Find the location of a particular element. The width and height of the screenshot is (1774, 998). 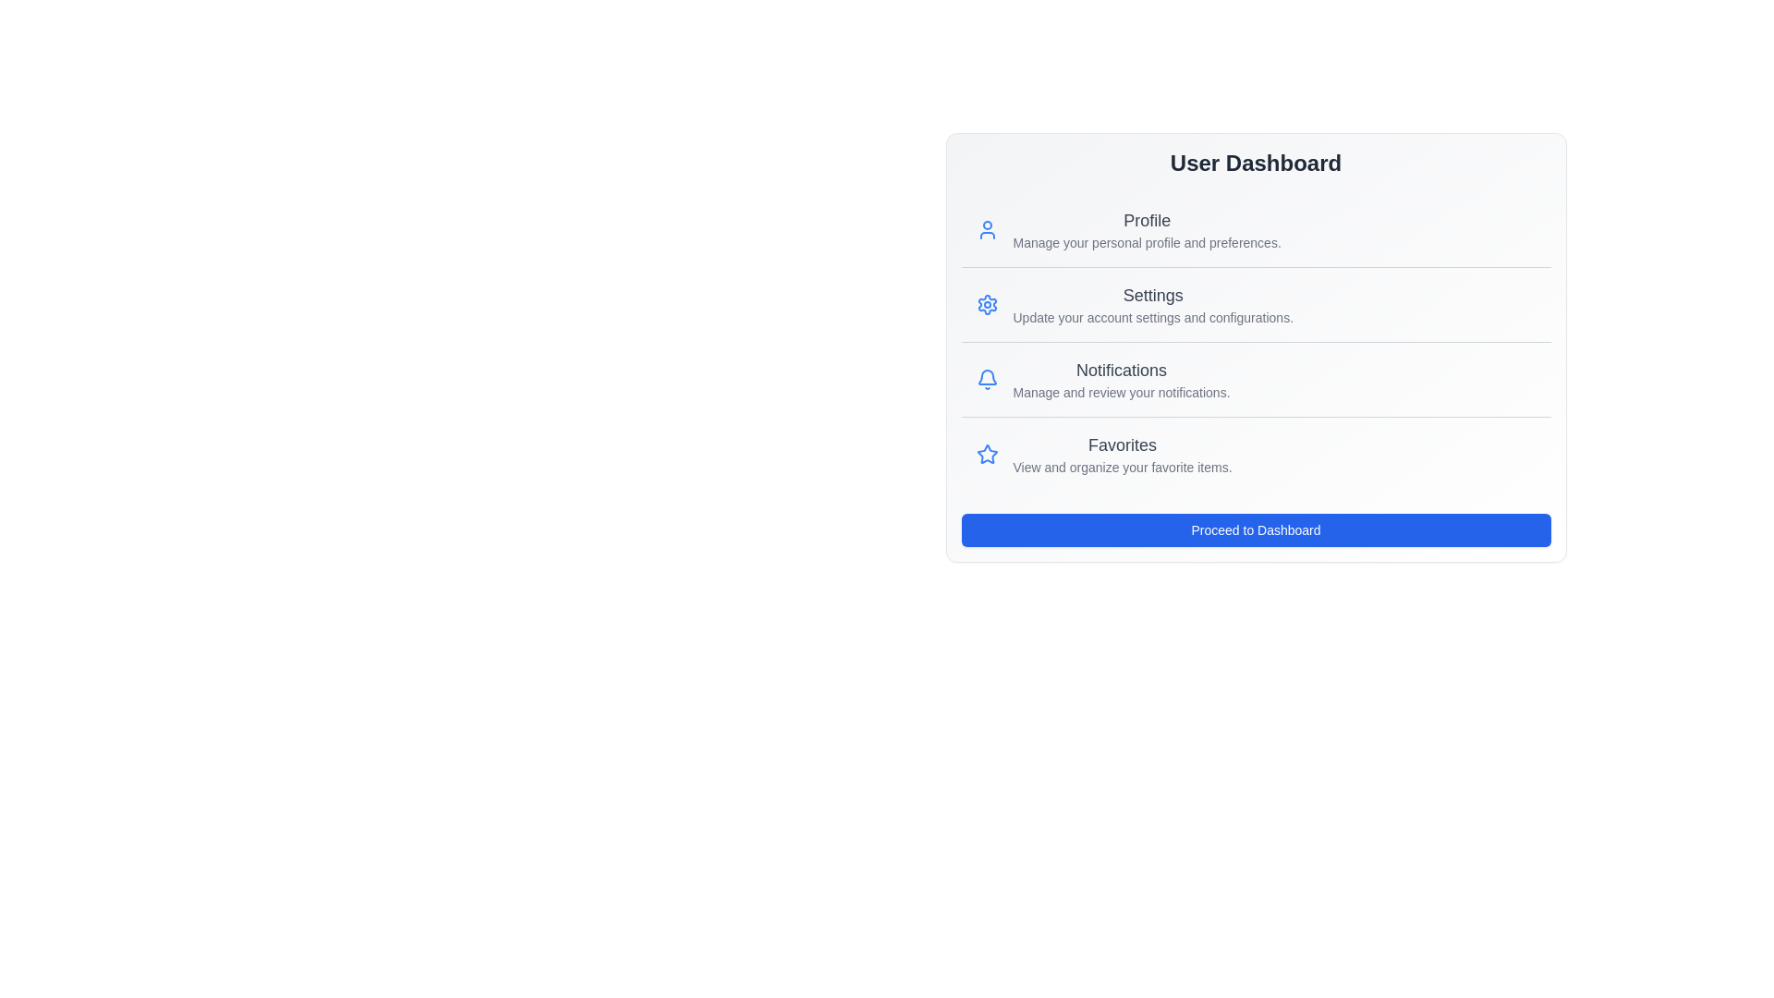

the gear icon located in the user dashboard is located at coordinates (986, 304).